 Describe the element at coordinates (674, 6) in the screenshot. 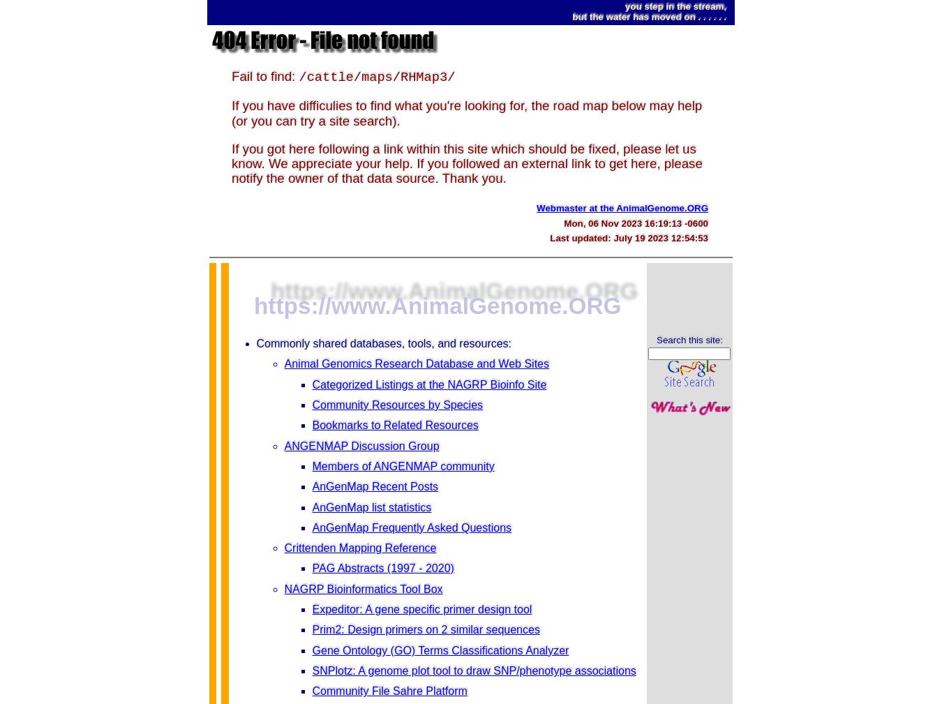

I see `'you step in the stream,'` at that location.